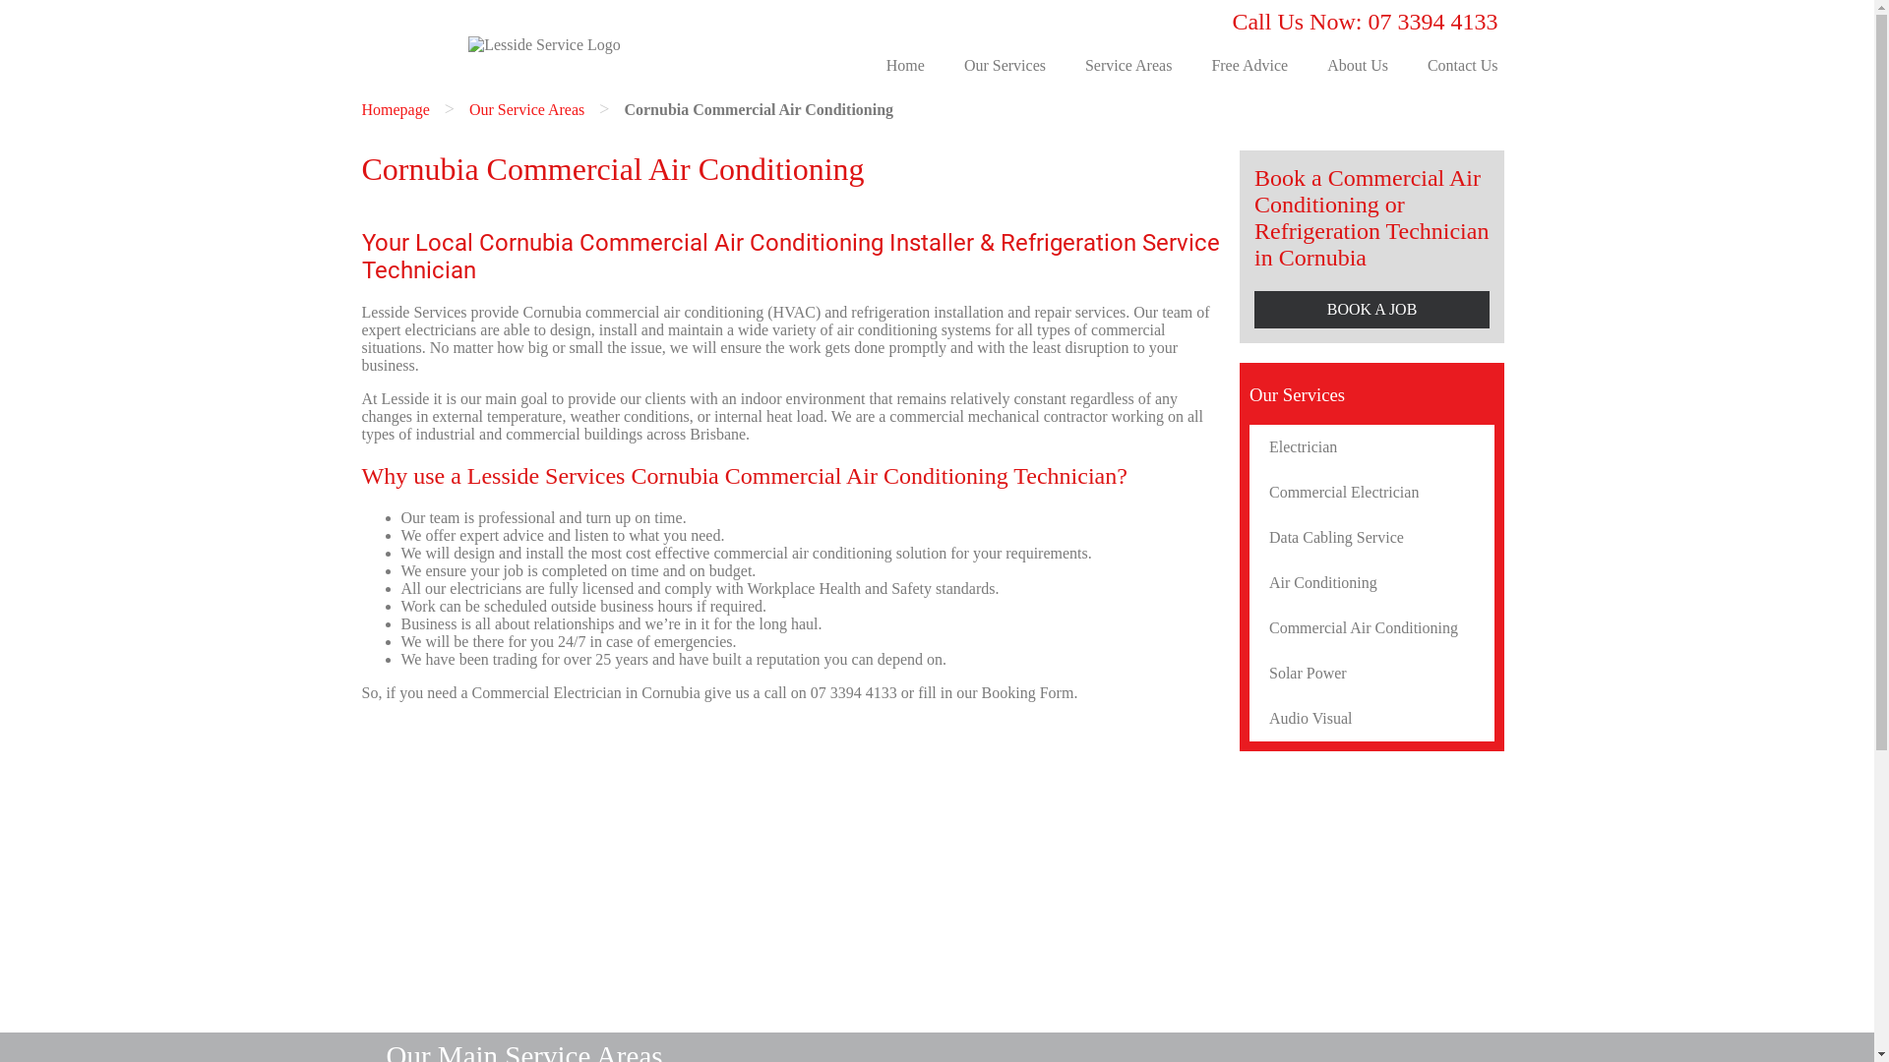 This screenshot has height=1062, width=1889. Describe the element at coordinates (395, 108) in the screenshot. I see `'Homepage'` at that location.